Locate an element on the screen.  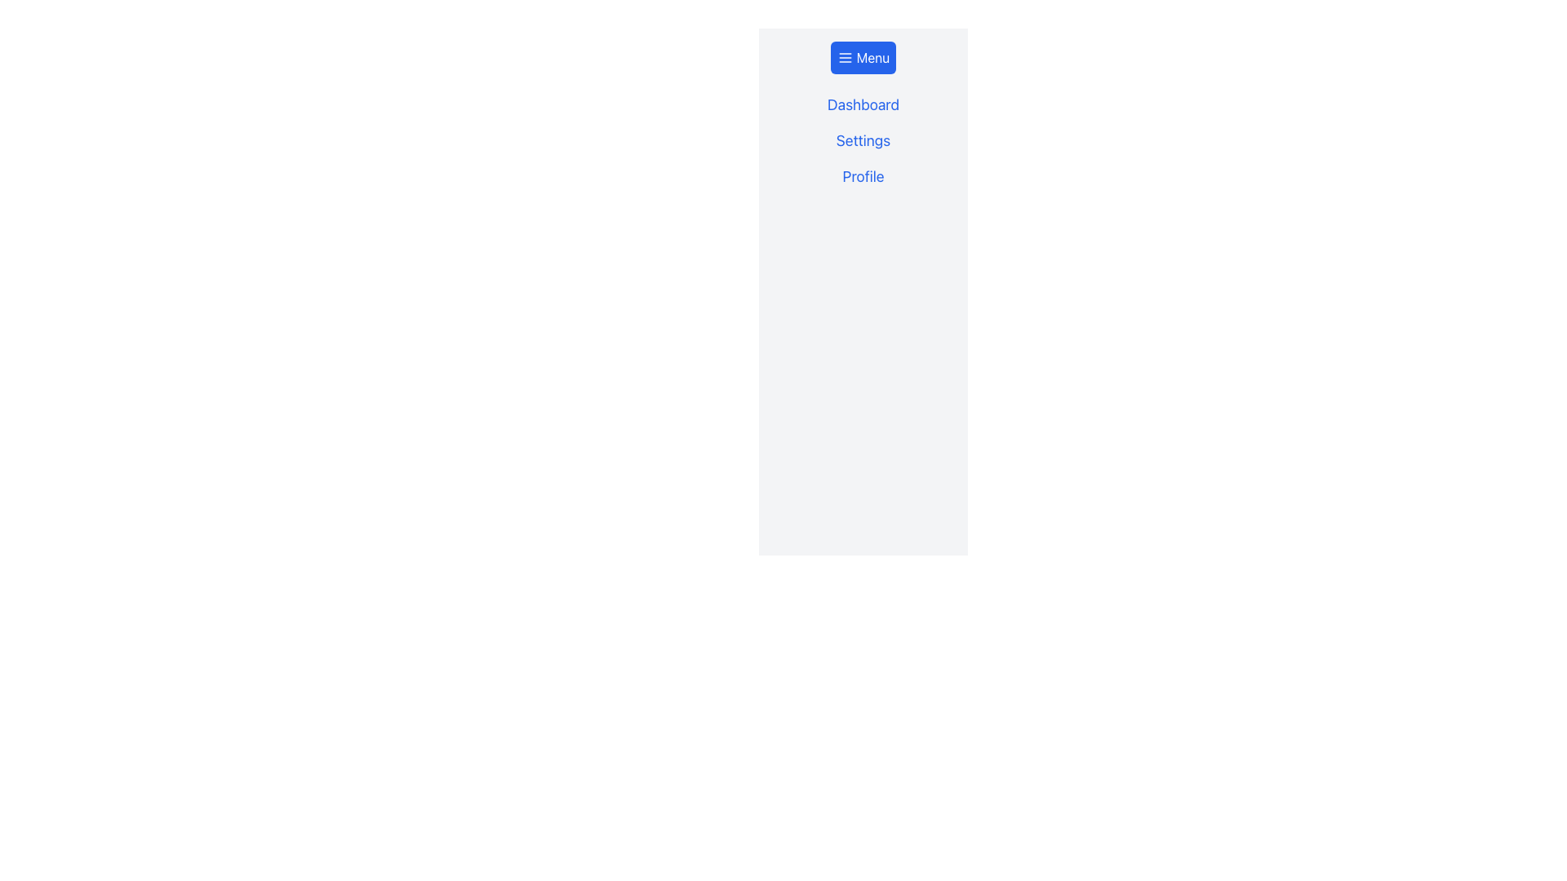
the top sidebar button is located at coordinates (862, 56).